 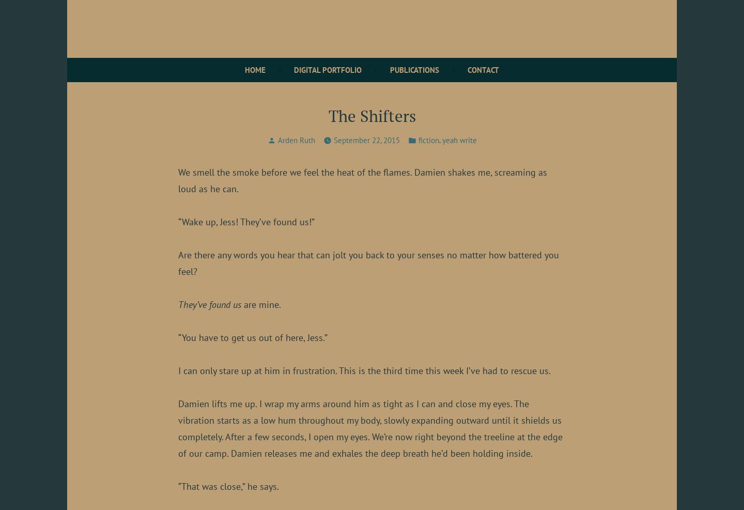 I want to click on '“Wake up, Jess! They’ve found us!”', so click(x=246, y=221).